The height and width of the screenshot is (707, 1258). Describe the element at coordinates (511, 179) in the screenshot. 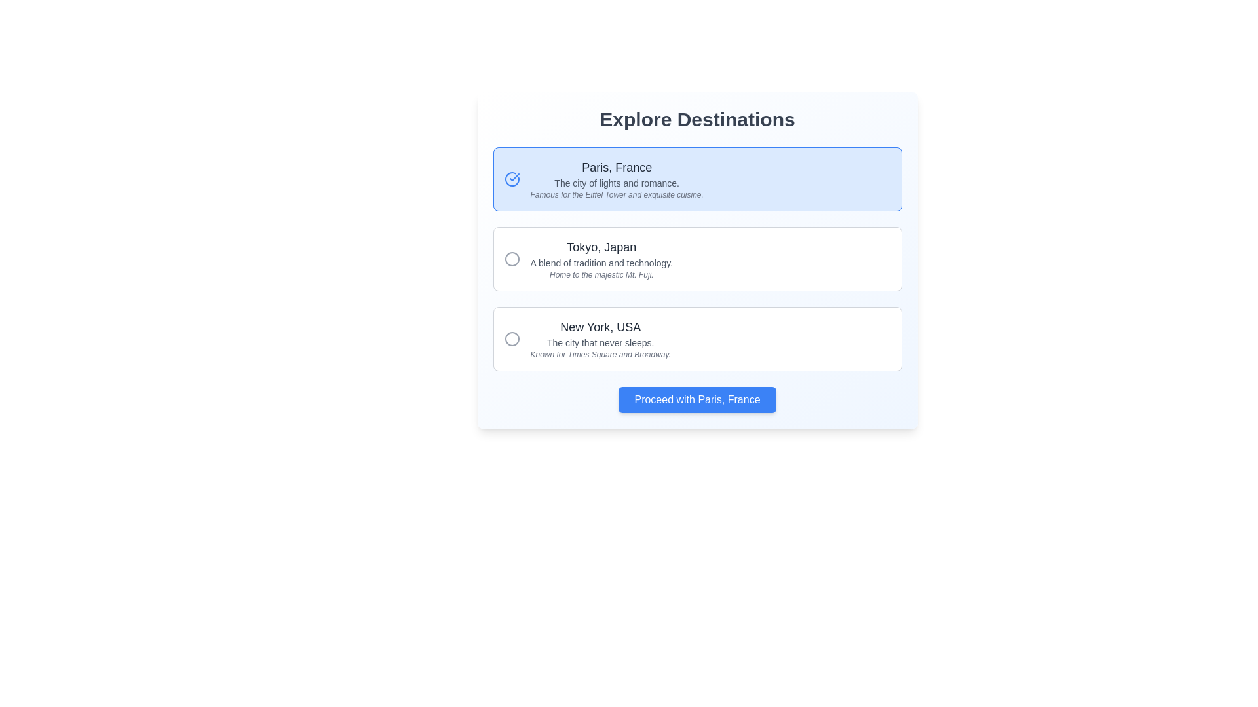

I see `the blue circular icon with a check mark, located to the left of the text block 'Paris, France'` at that location.